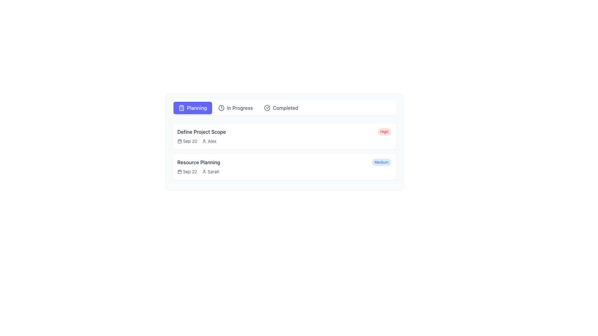  Describe the element at coordinates (221, 108) in the screenshot. I see `the SVG Circle that visually defines the circular boundary of the clock icon, which is located near the center of the 'In Progress' button in the navigation tab above the task list` at that location.